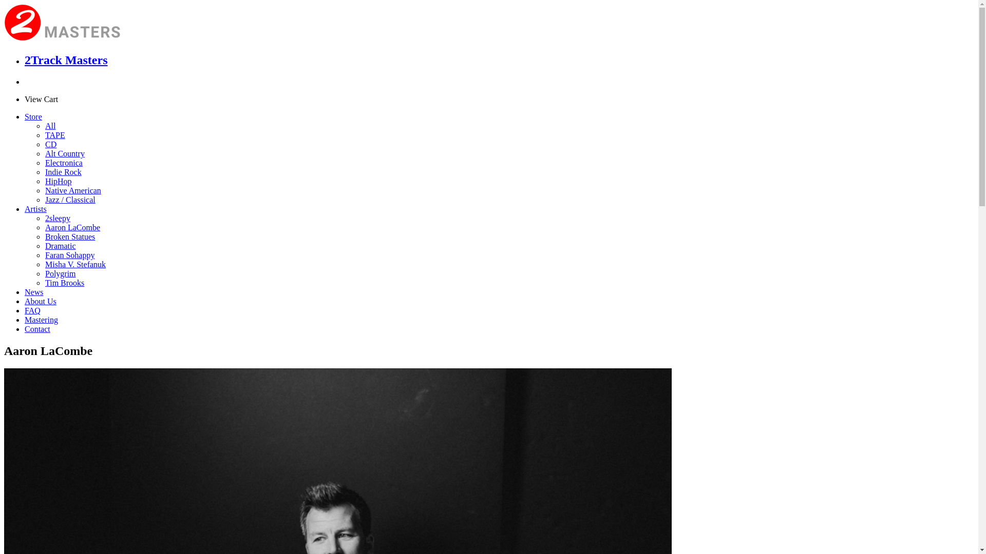  What do you see at coordinates (60, 246) in the screenshot?
I see `'Dramatic'` at bounding box center [60, 246].